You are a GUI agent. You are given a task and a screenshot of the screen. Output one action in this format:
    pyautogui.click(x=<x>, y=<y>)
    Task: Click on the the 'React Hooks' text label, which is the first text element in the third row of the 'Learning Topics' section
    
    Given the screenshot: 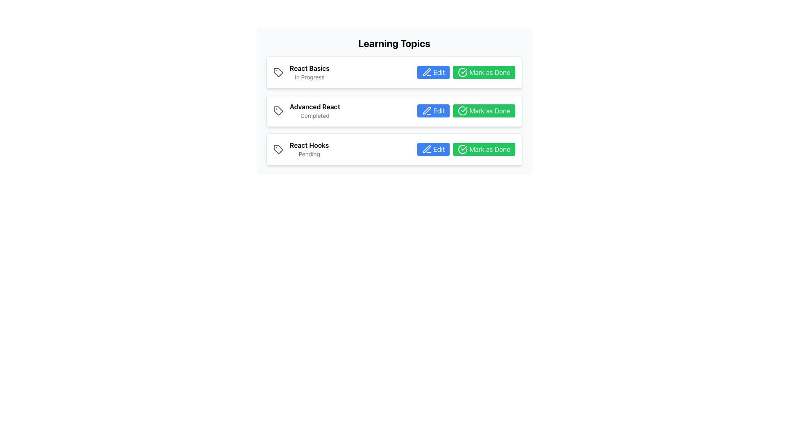 What is the action you would take?
    pyautogui.click(x=309, y=144)
    